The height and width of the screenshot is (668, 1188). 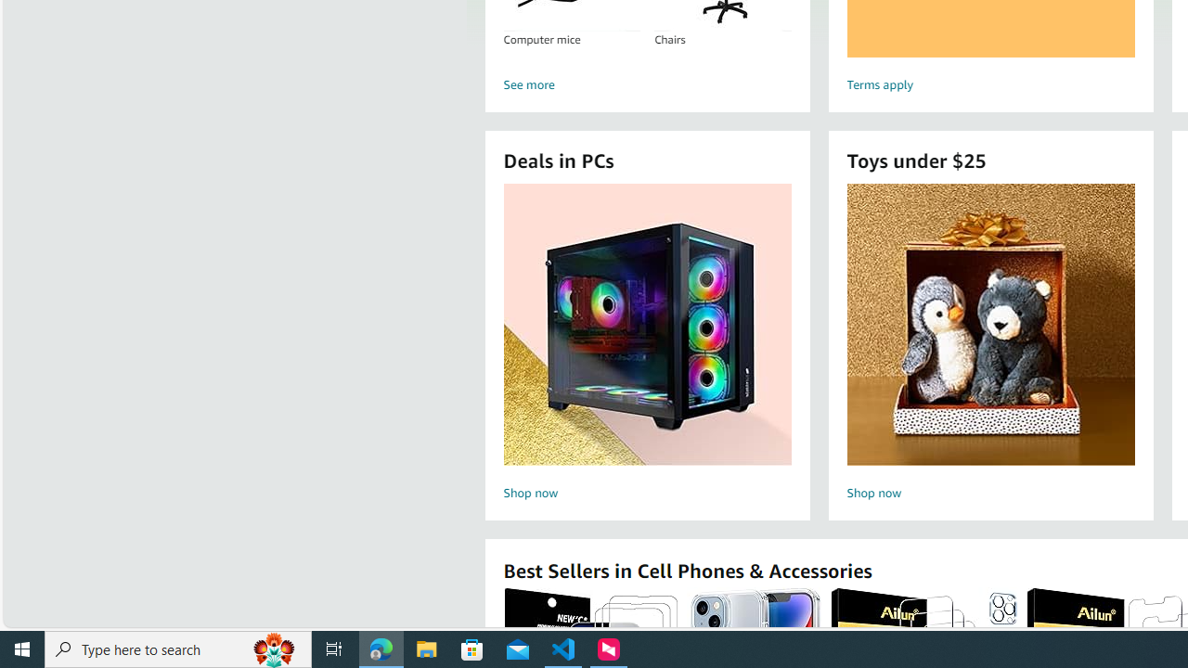 What do you see at coordinates (647, 344) in the screenshot?
I see `'Deals in PCs Shop now'` at bounding box center [647, 344].